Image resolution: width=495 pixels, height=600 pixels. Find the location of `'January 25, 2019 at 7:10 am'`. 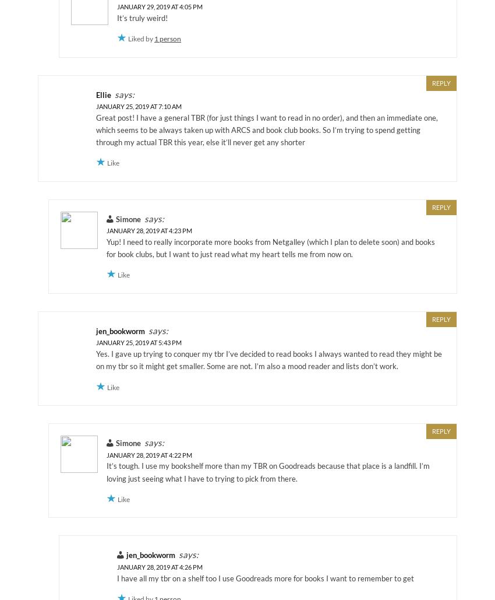

'January 25, 2019 at 7:10 am' is located at coordinates (96, 106).